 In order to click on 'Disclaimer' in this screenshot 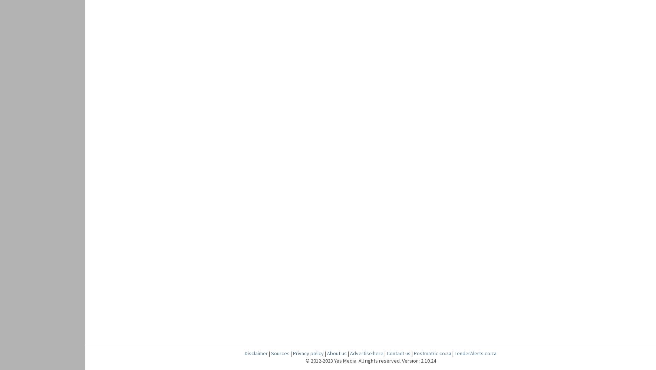, I will do `click(256, 353)`.